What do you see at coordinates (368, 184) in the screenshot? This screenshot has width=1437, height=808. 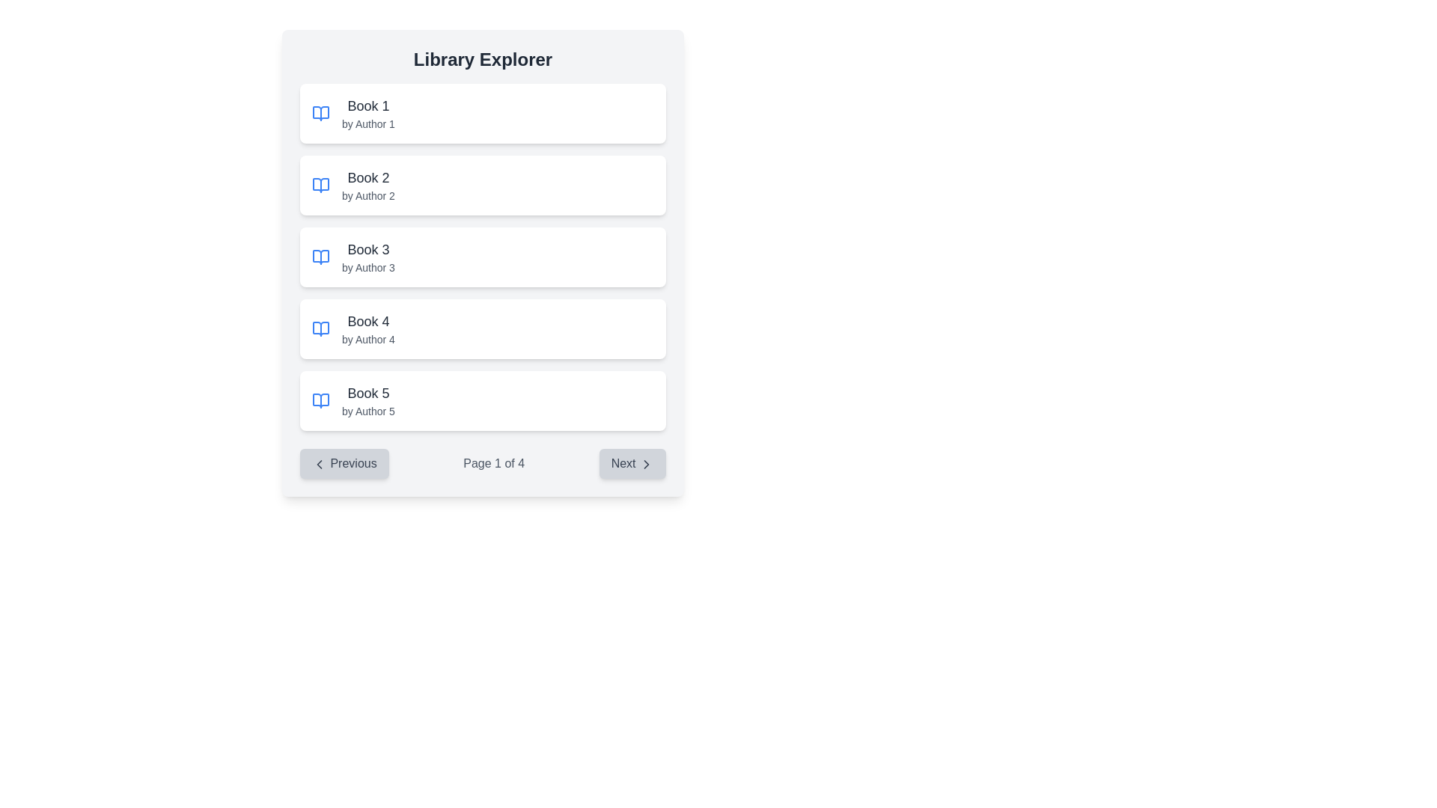 I see `the text display pair showing the title and subtitle of a book, located in the second row of a library interface` at bounding box center [368, 184].